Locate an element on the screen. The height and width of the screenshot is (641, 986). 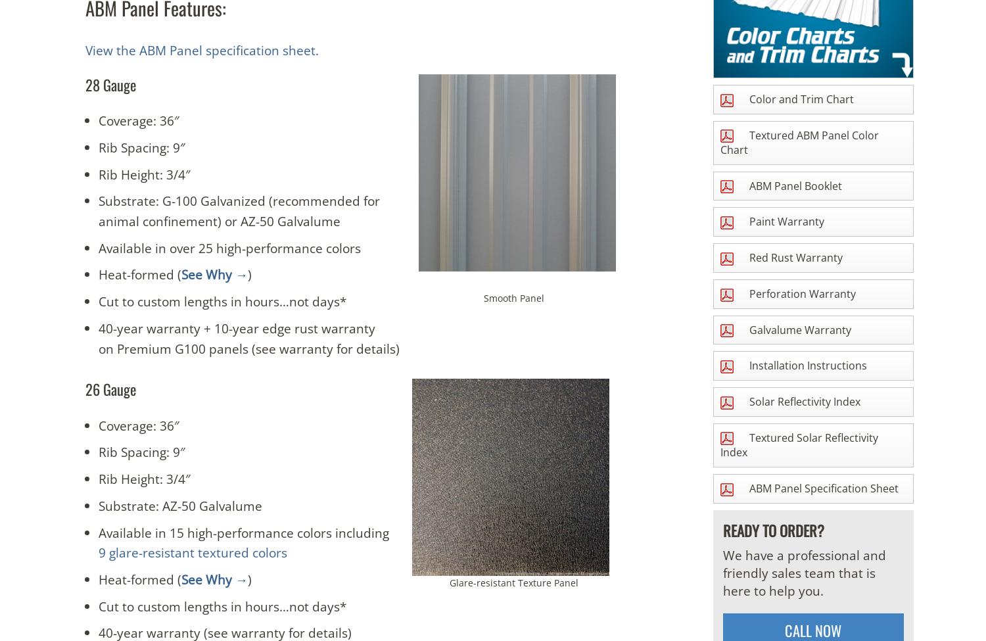
'26 Gauge' is located at coordinates (85, 389).